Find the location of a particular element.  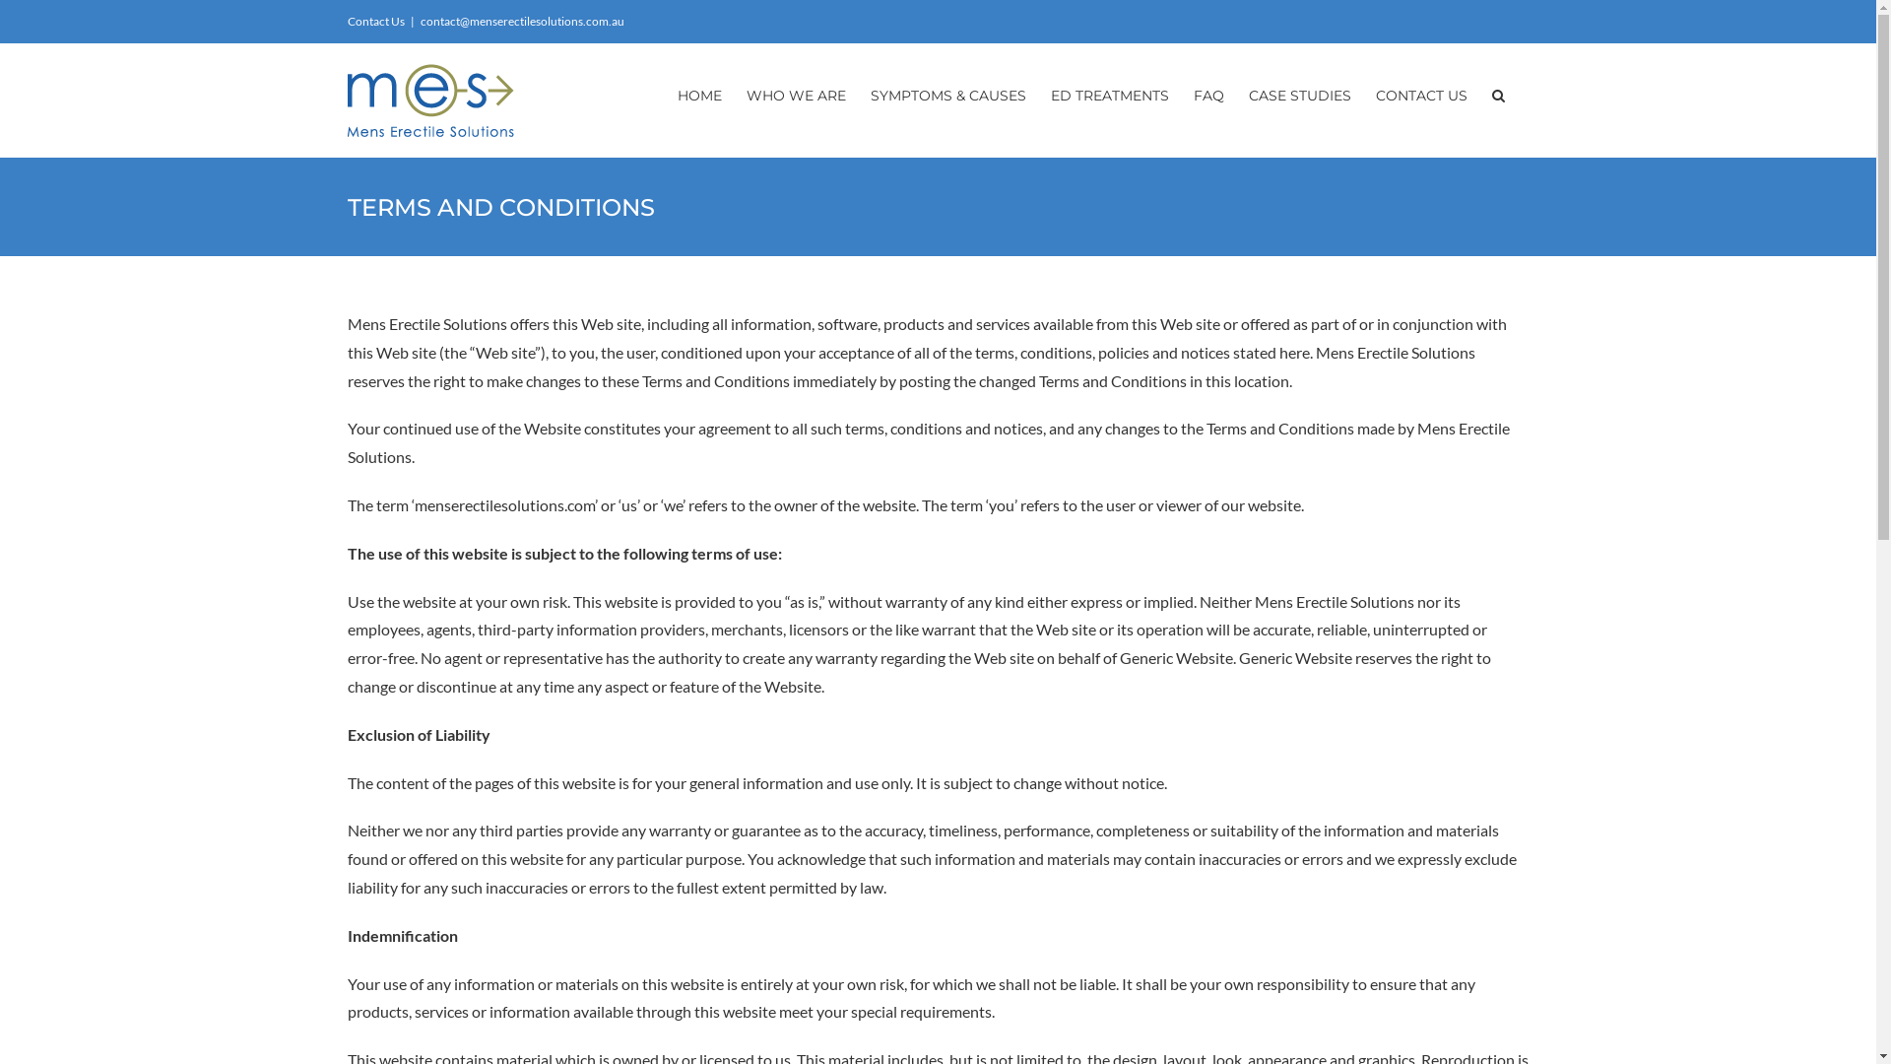

'CONTACT US' is located at coordinates (1420, 95).